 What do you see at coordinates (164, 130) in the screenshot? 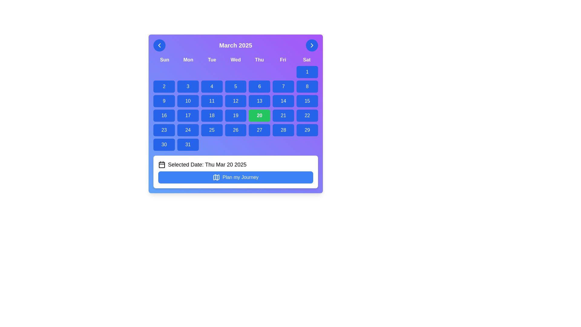
I see `the button representing the 23rd day of the month in the calendar layout` at bounding box center [164, 130].